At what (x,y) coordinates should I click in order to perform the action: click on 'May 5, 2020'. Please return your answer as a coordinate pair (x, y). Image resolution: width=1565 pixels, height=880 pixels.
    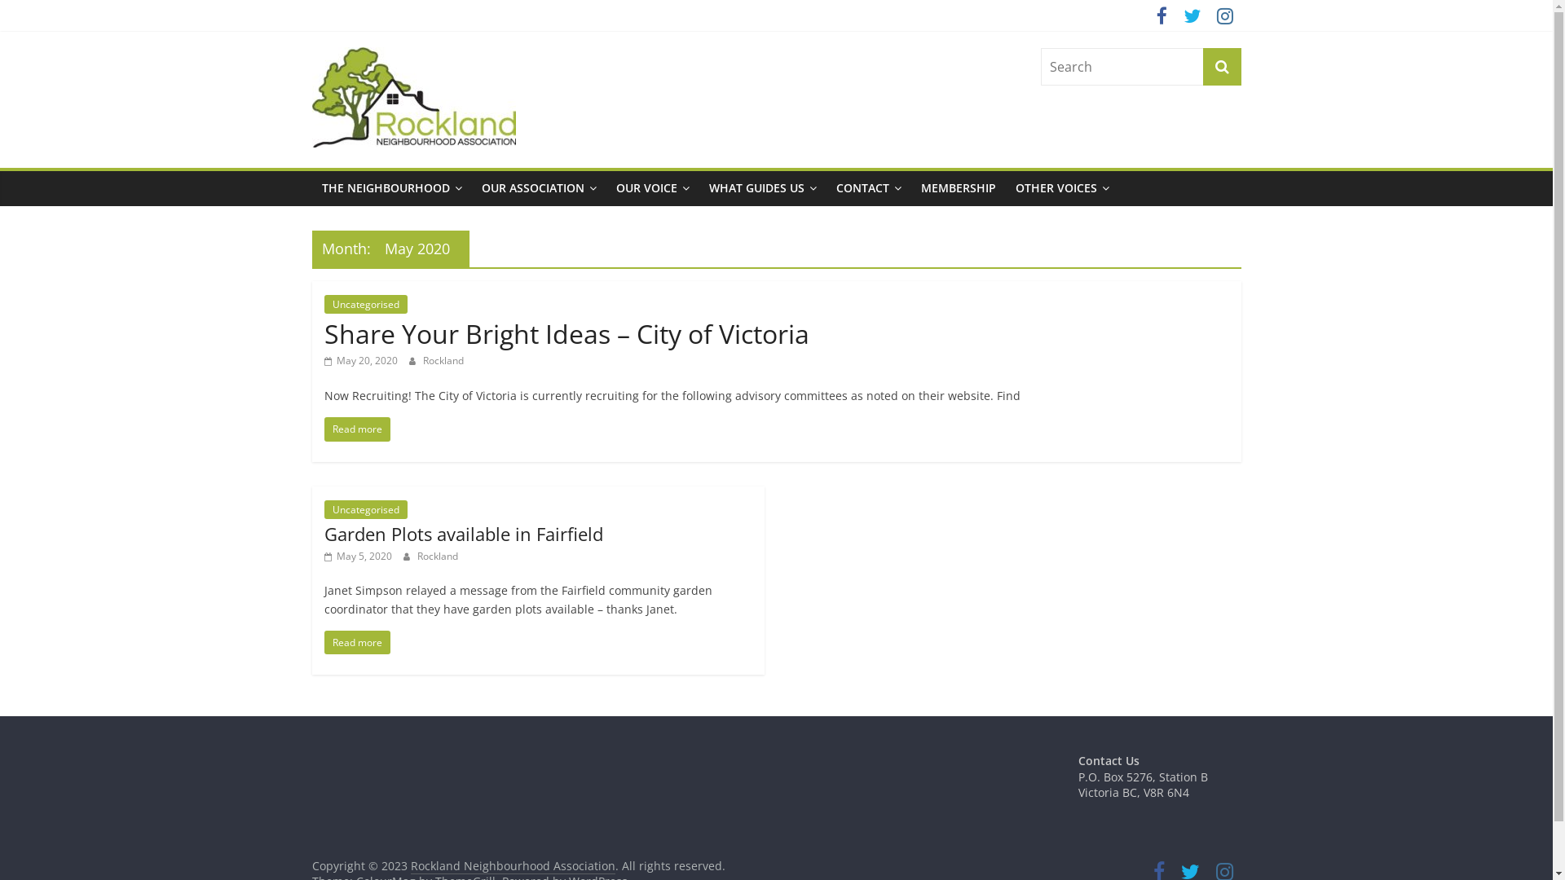
    Looking at the image, I should click on (324, 555).